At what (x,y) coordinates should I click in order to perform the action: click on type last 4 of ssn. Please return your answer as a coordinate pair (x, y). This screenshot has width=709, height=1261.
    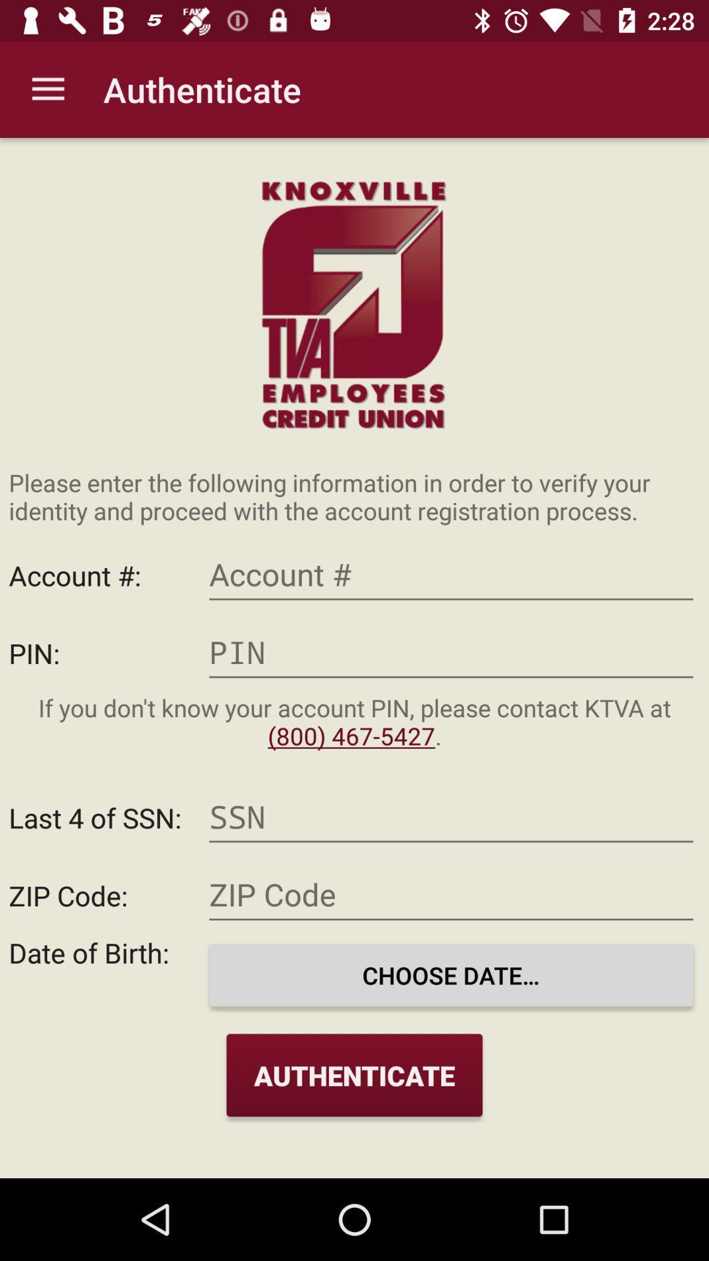
    Looking at the image, I should click on (450, 816).